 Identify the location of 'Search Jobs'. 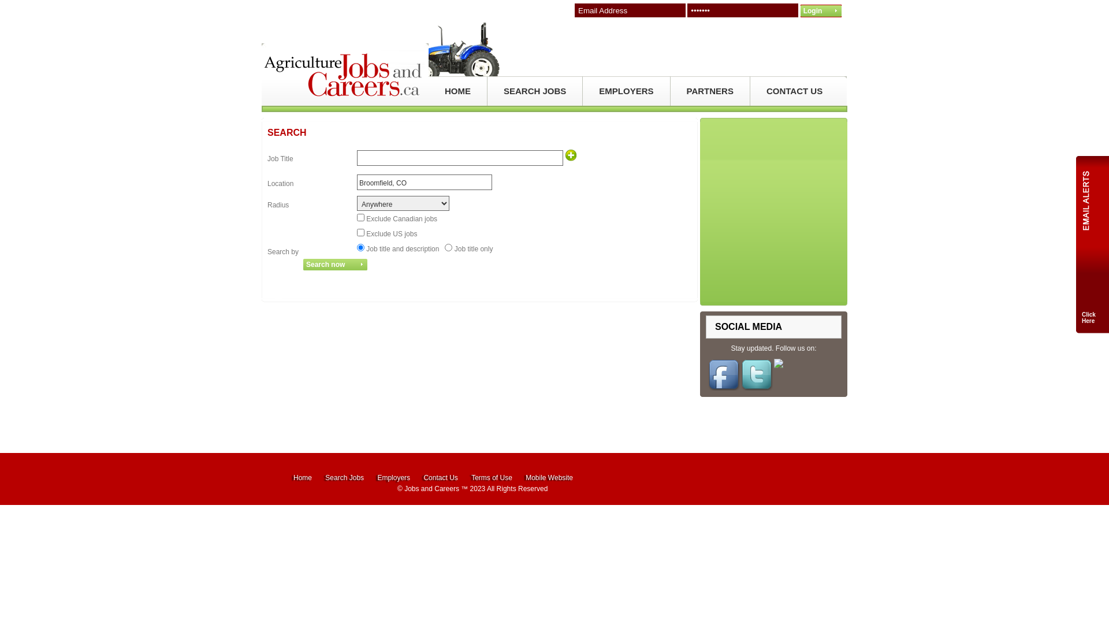
(344, 477).